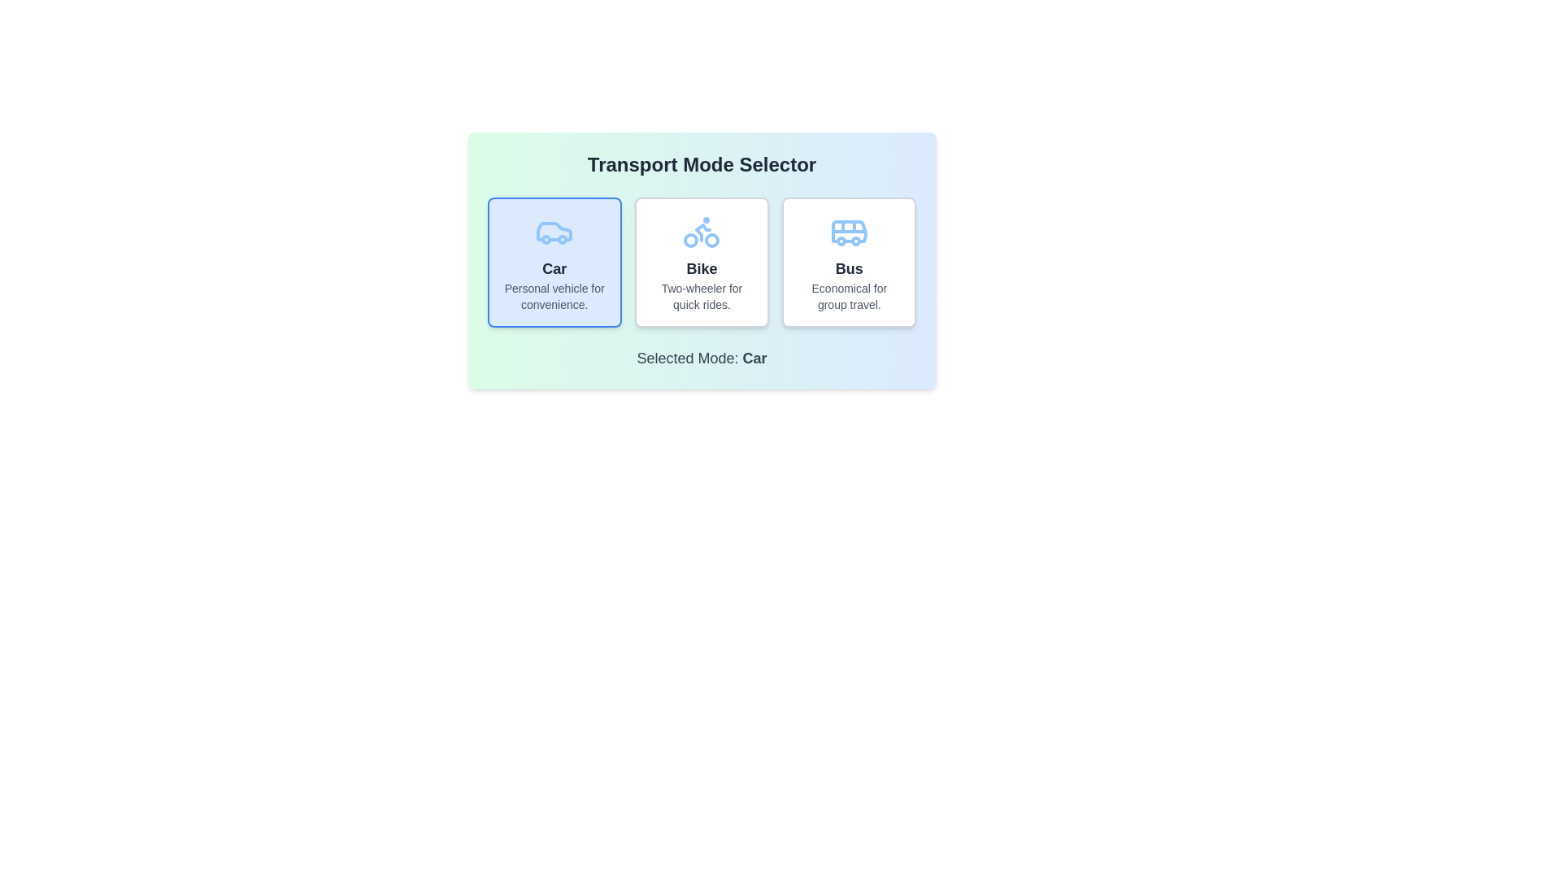 The width and height of the screenshot is (1561, 878). Describe the element at coordinates (554, 268) in the screenshot. I see `text label displaying 'Car' in bold style, located within the transport mode selector` at that location.